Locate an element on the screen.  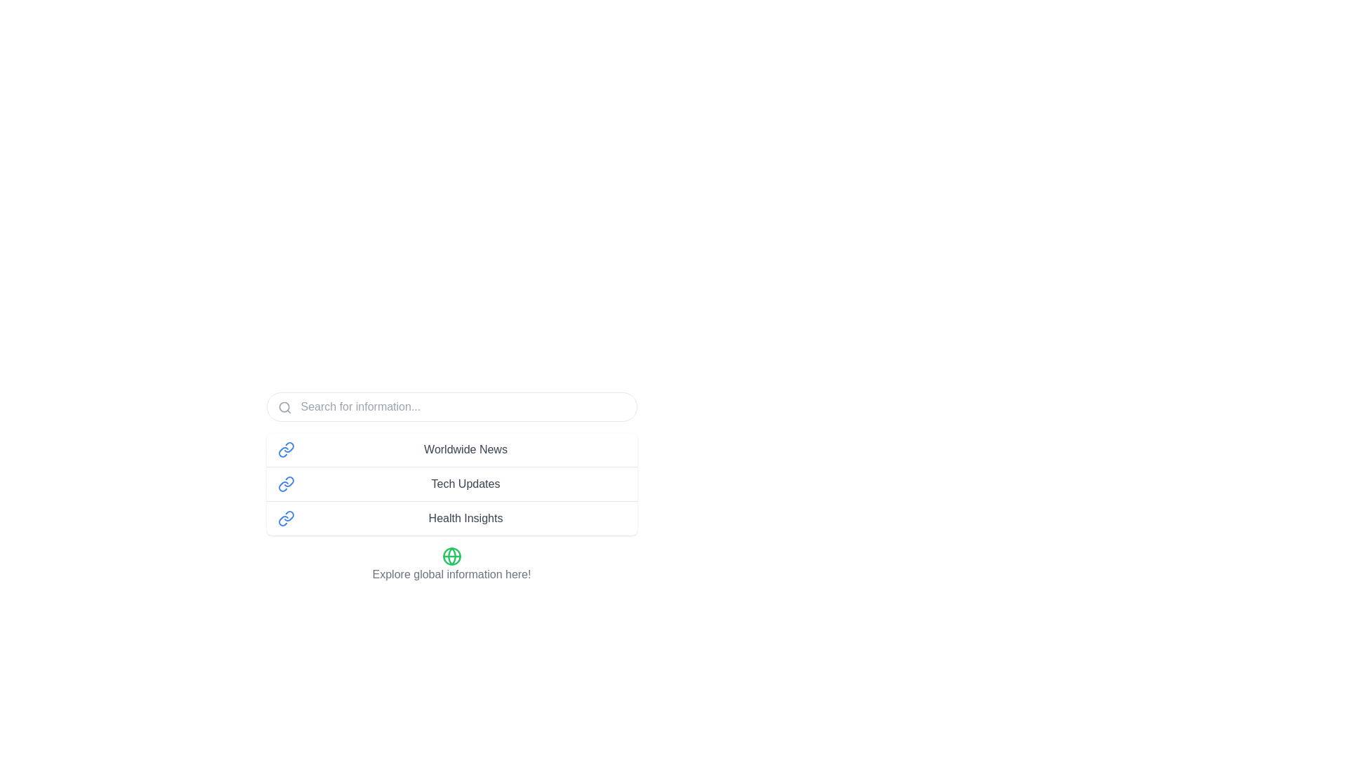
the 'Tech Updates' navigation link, which is the second item in a vertically stacked list of navigation options, positioned below 'Worldwide News' and above 'Health Insights' is located at coordinates (451, 483).